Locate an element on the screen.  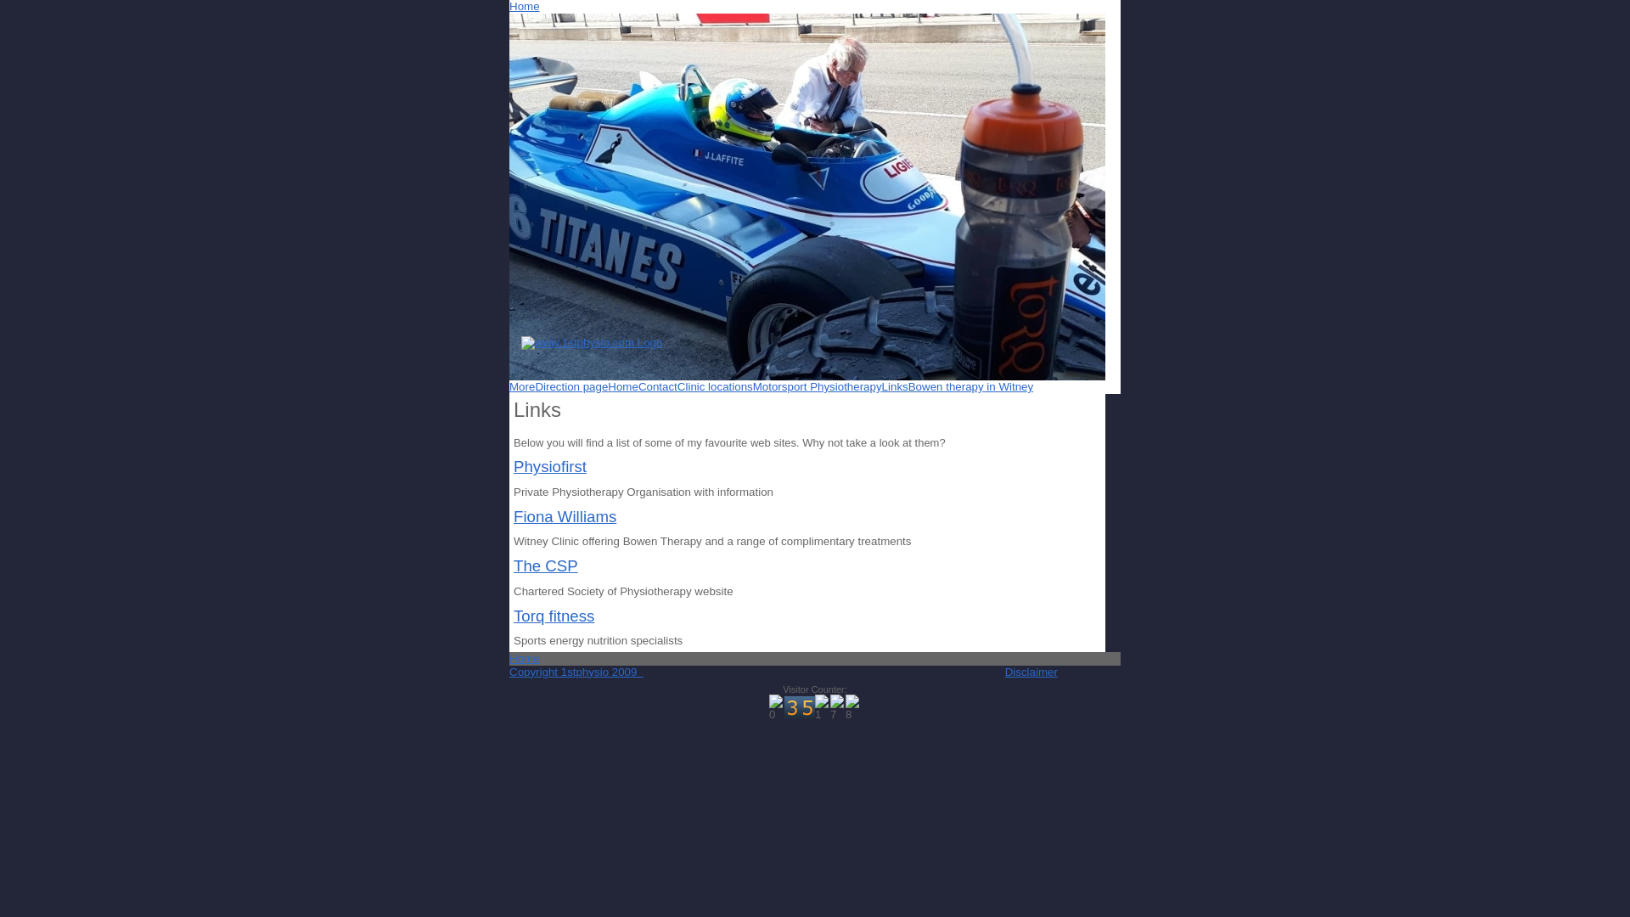
'Copyright 1stphysio 2009  ' is located at coordinates (576, 671).